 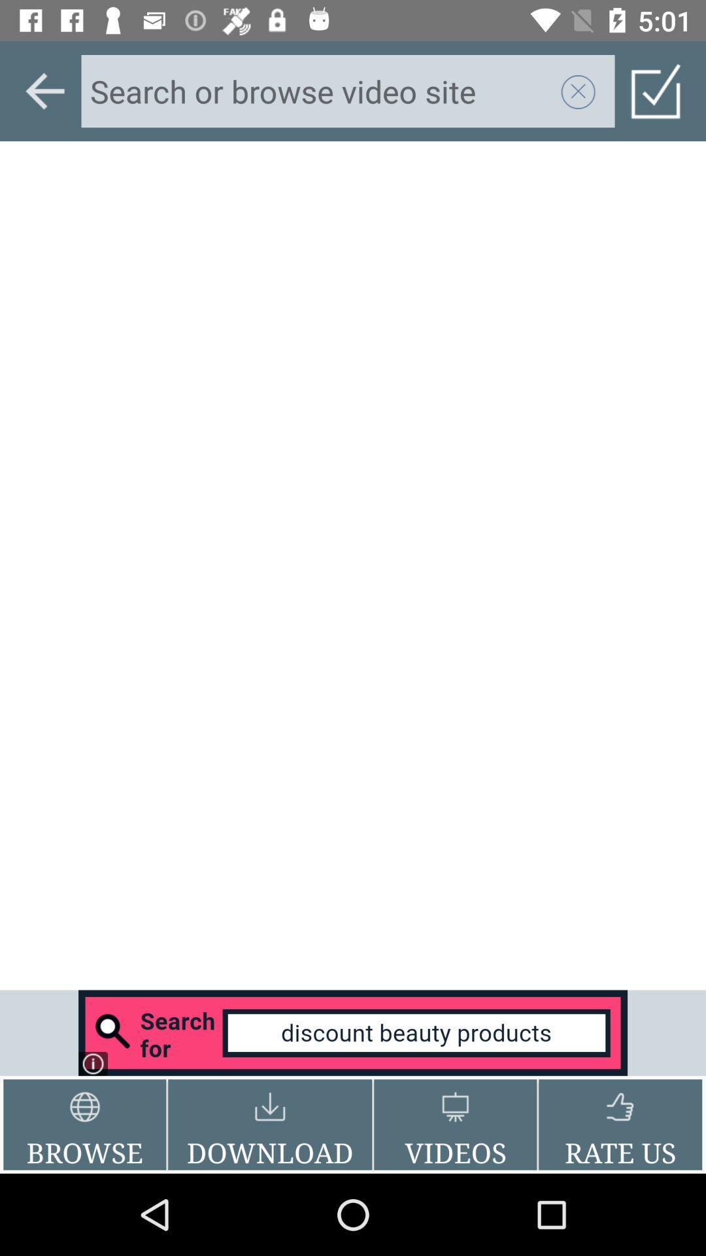 What do you see at coordinates (620, 1124) in the screenshot?
I see `rate us button` at bounding box center [620, 1124].